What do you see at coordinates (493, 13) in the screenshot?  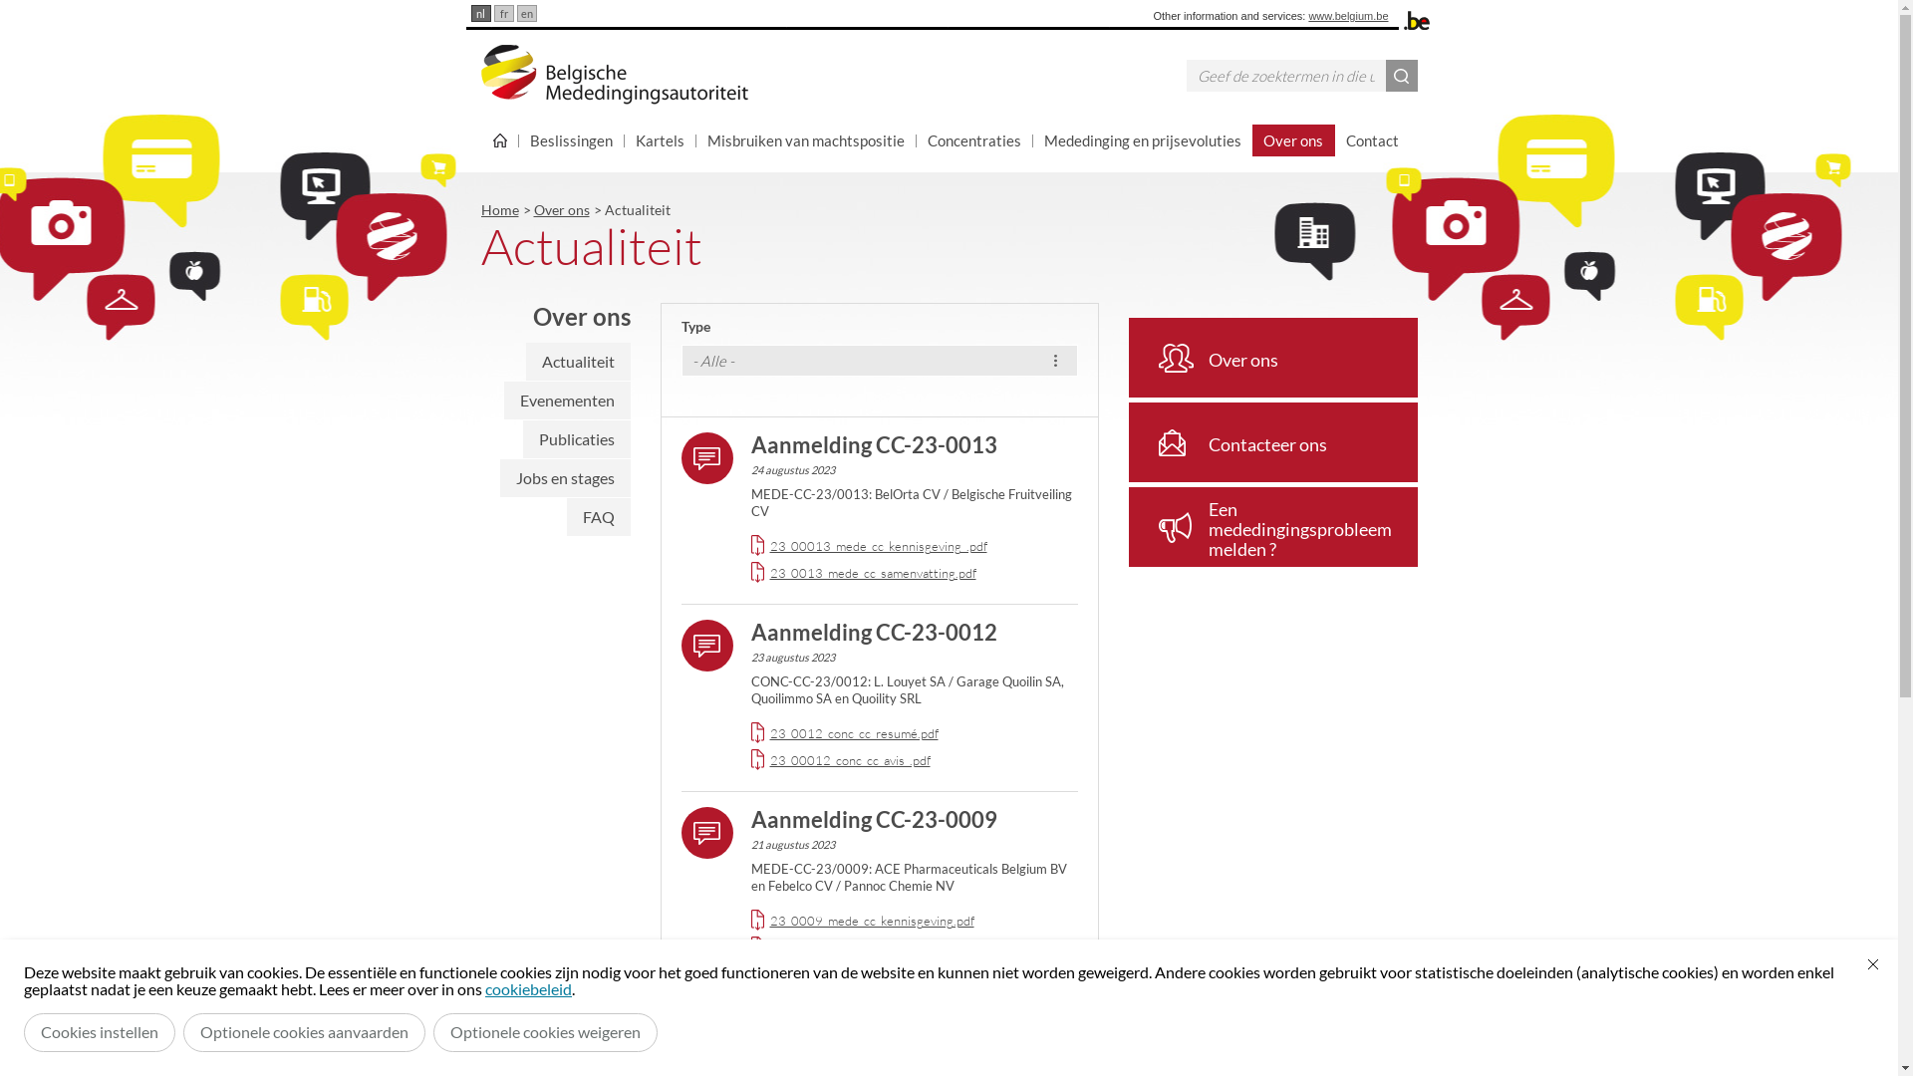 I see `'fr'` at bounding box center [493, 13].